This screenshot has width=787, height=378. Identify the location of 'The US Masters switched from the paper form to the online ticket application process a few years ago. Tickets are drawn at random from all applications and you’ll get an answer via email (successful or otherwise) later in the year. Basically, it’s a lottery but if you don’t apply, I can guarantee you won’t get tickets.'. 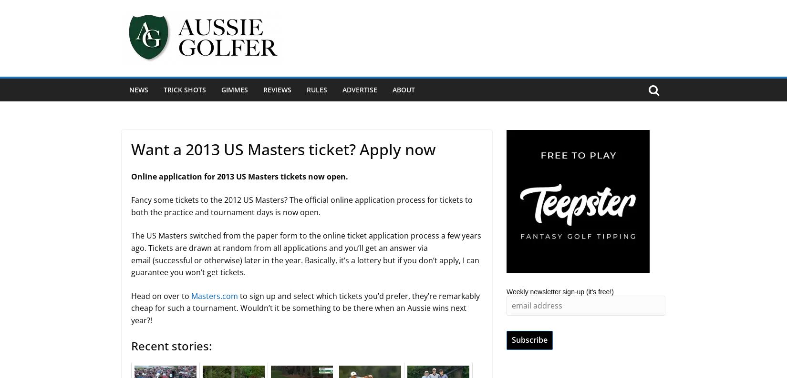
(306, 254).